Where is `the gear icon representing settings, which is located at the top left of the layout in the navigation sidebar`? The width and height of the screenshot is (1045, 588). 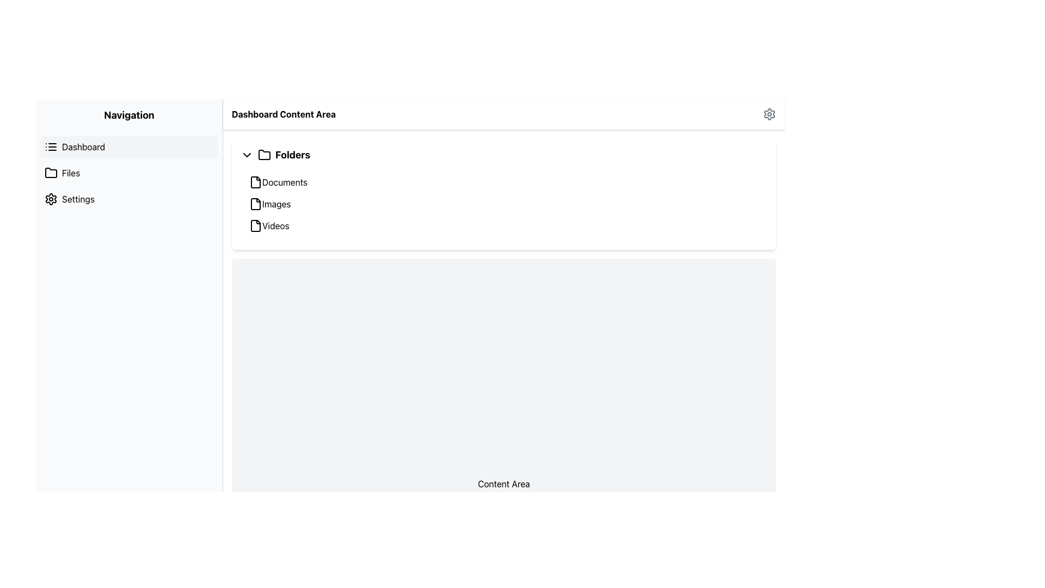 the gear icon representing settings, which is located at the top left of the layout in the navigation sidebar is located at coordinates (51, 199).